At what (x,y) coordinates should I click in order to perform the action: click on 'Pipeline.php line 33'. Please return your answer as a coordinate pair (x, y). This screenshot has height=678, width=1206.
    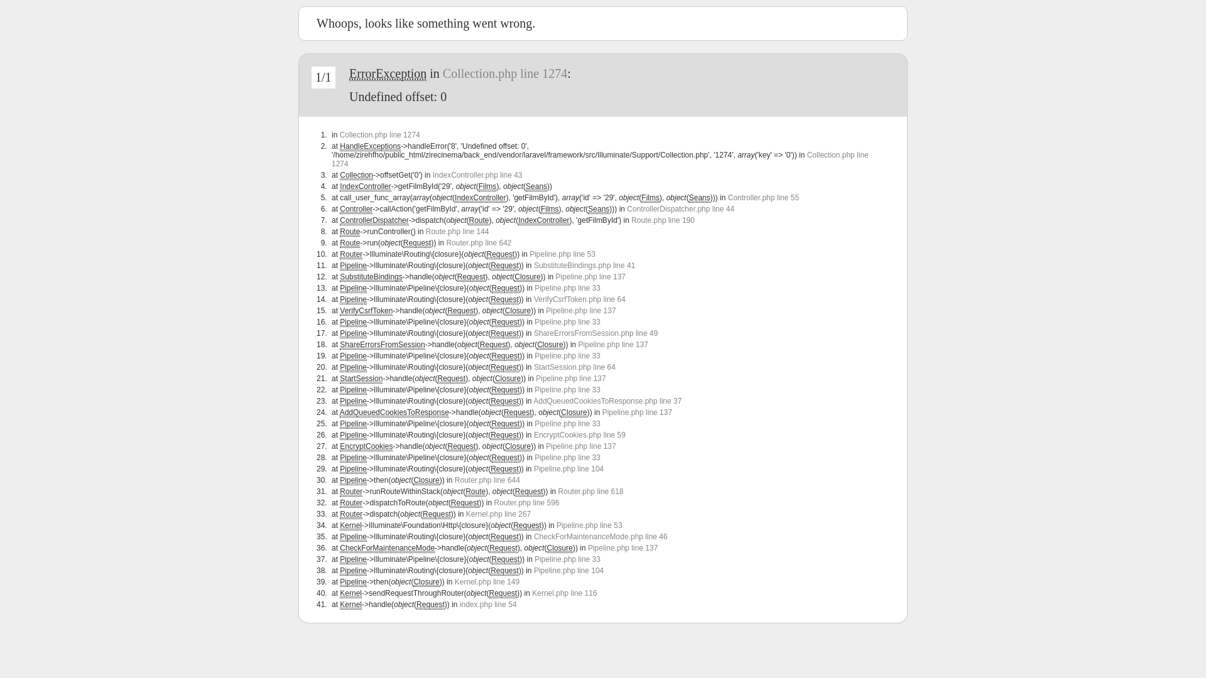
    Looking at the image, I should click on (567, 356).